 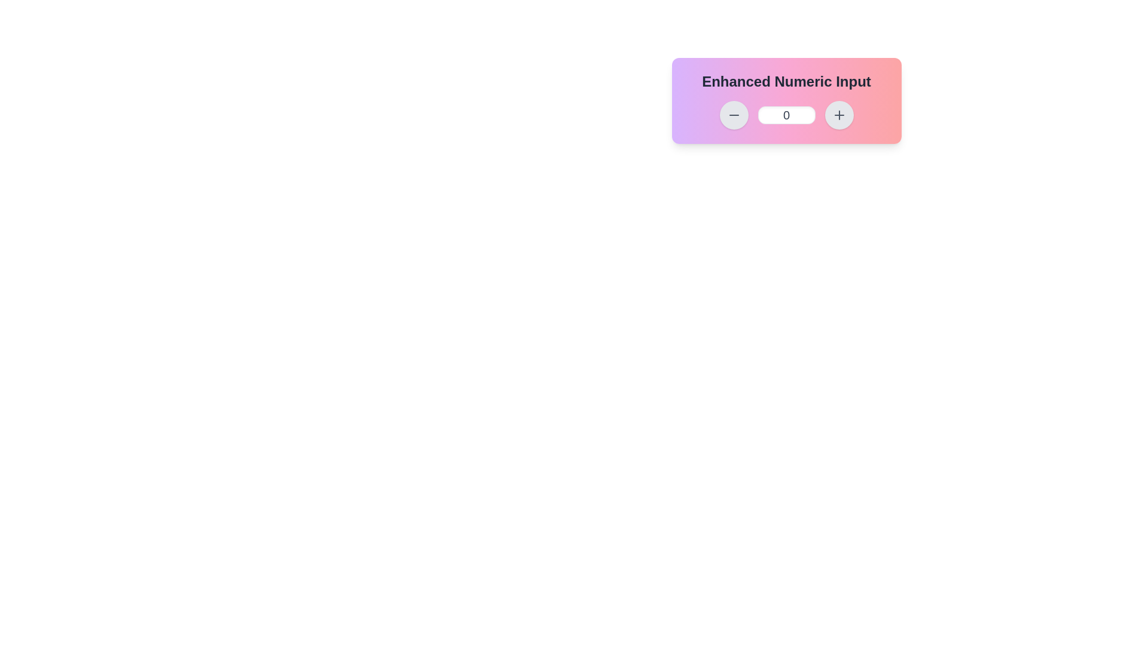 What do you see at coordinates (786, 115) in the screenshot?
I see `the text input box for modifying a numerical value, located at the center of the Enhanced Numeric Input control` at bounding box center [786, 115].